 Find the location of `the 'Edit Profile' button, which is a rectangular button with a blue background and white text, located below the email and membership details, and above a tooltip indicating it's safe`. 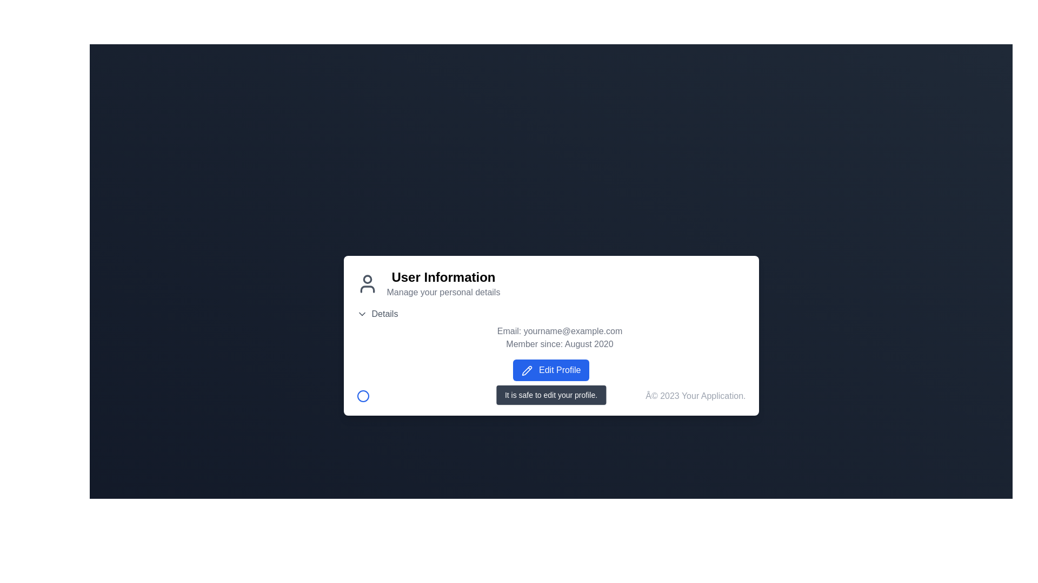

the 'Edit Profile' button, which is a rectangular button with a blue background and white text, located below the email and membership details, and above a tooltip indicating it's safe is located at coordinates (551, 370).